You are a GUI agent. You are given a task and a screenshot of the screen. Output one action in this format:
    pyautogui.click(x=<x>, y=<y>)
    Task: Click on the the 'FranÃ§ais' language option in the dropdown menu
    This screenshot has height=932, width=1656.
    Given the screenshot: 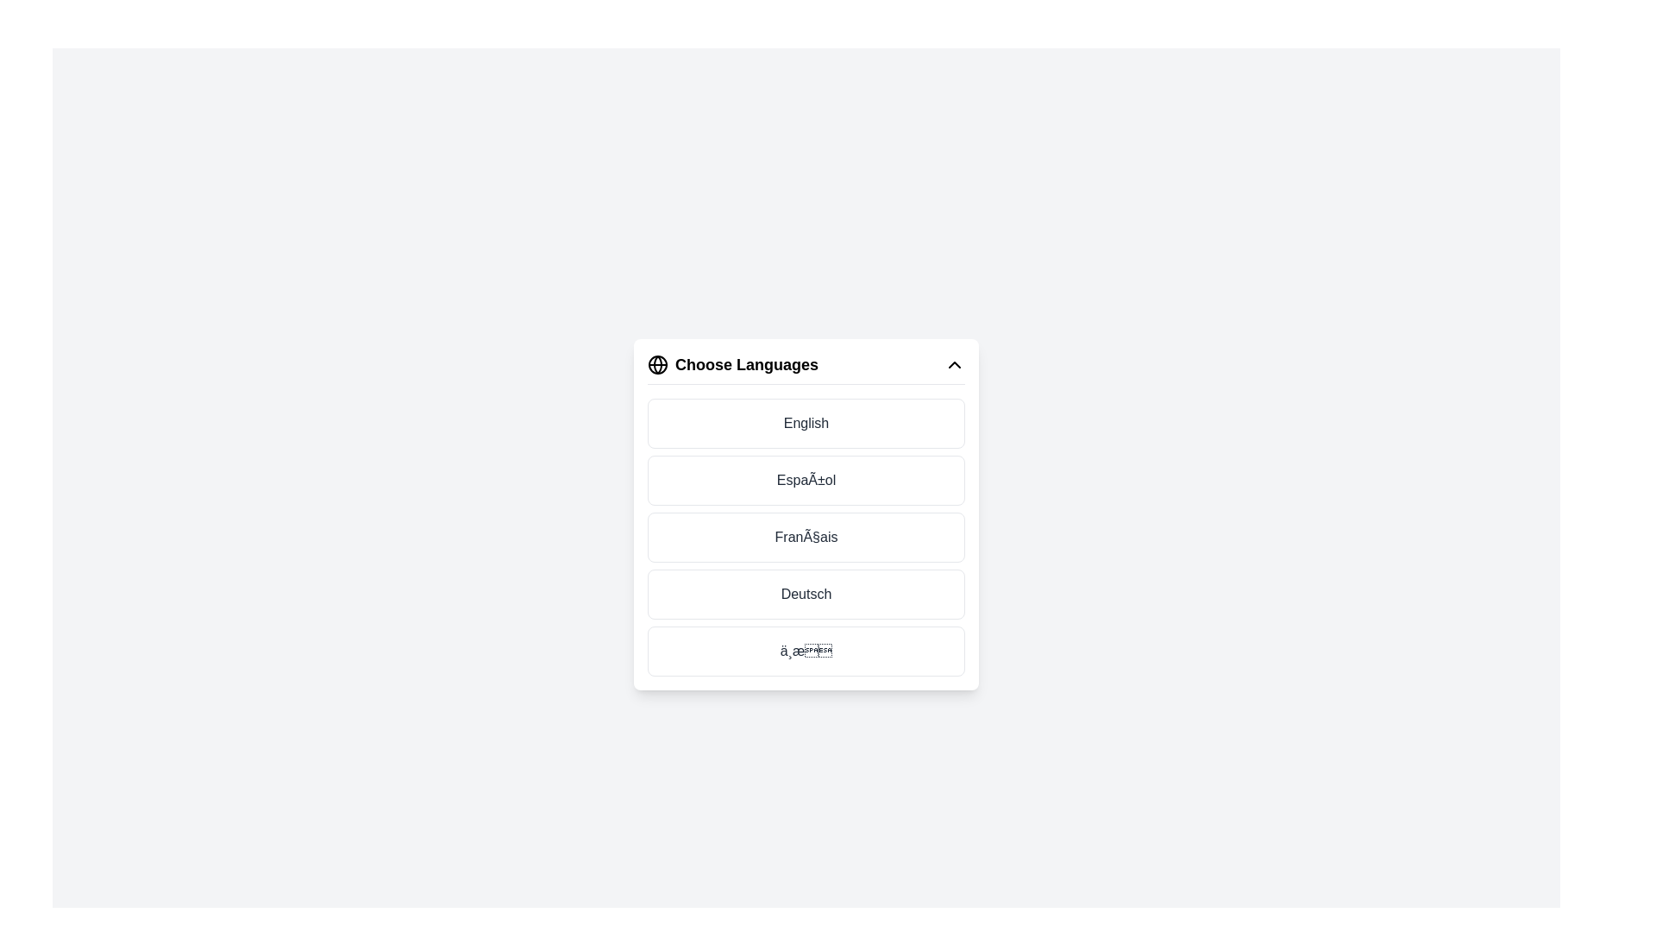 What is the action you would take?
    pyautogui.click(x=806, y=513)
    